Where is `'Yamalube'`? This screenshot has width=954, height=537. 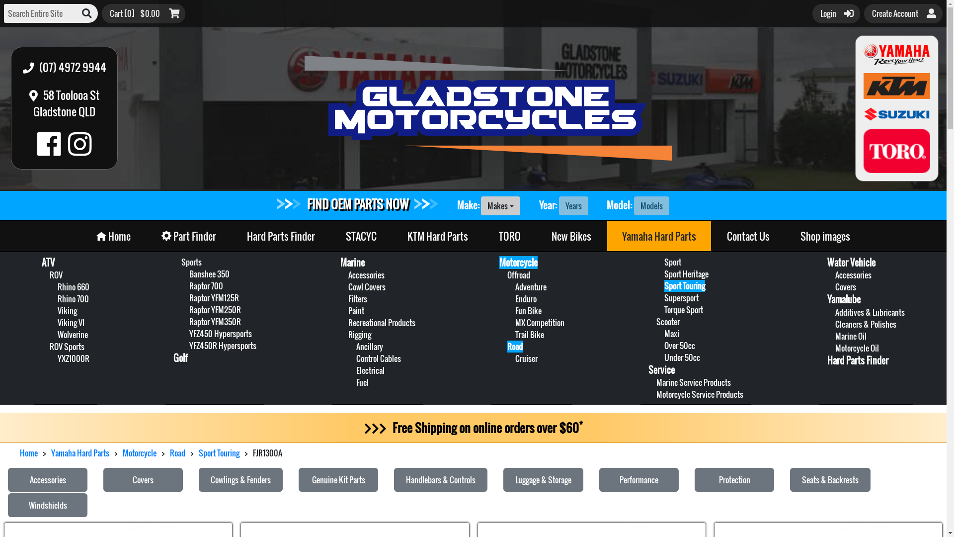
'Yamalube' is located at coordinates (843, 298).